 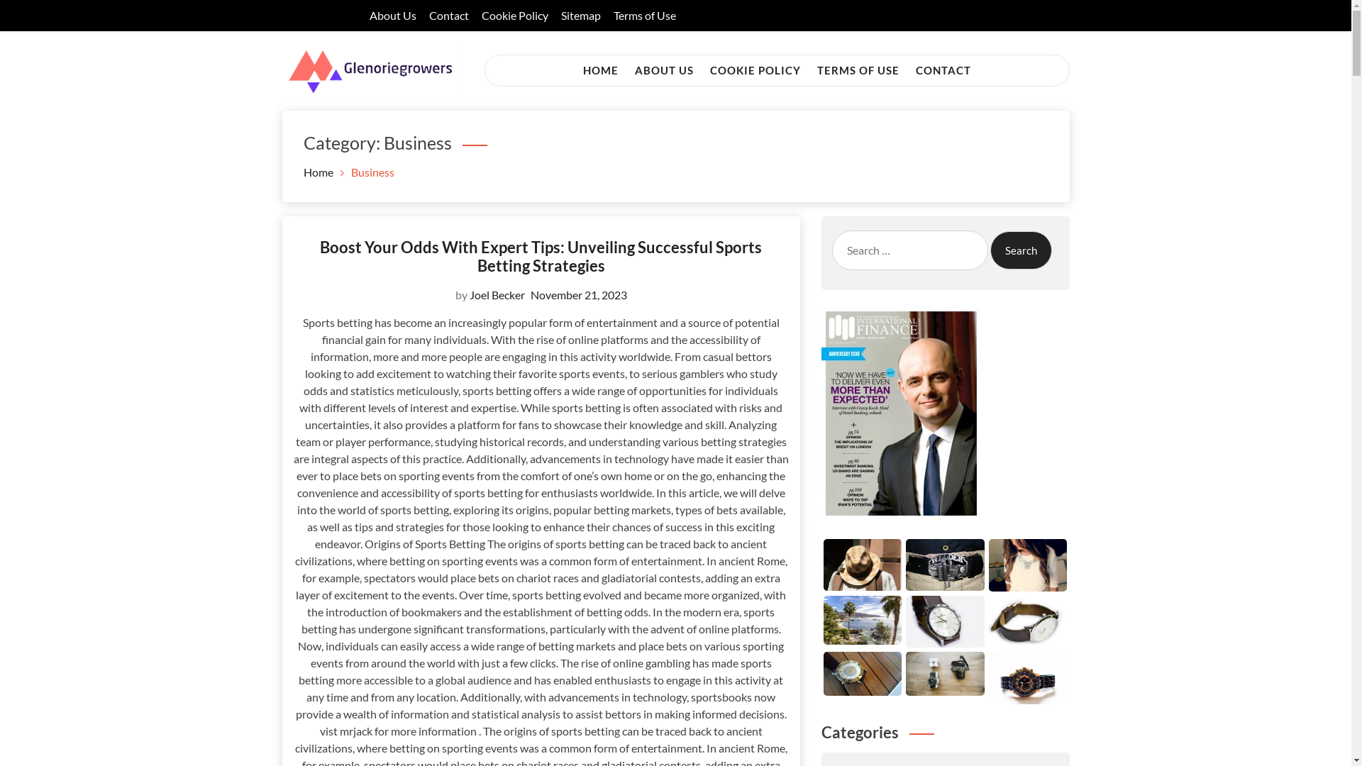 I want to click on 'HOME', so click(x=575, y=70).